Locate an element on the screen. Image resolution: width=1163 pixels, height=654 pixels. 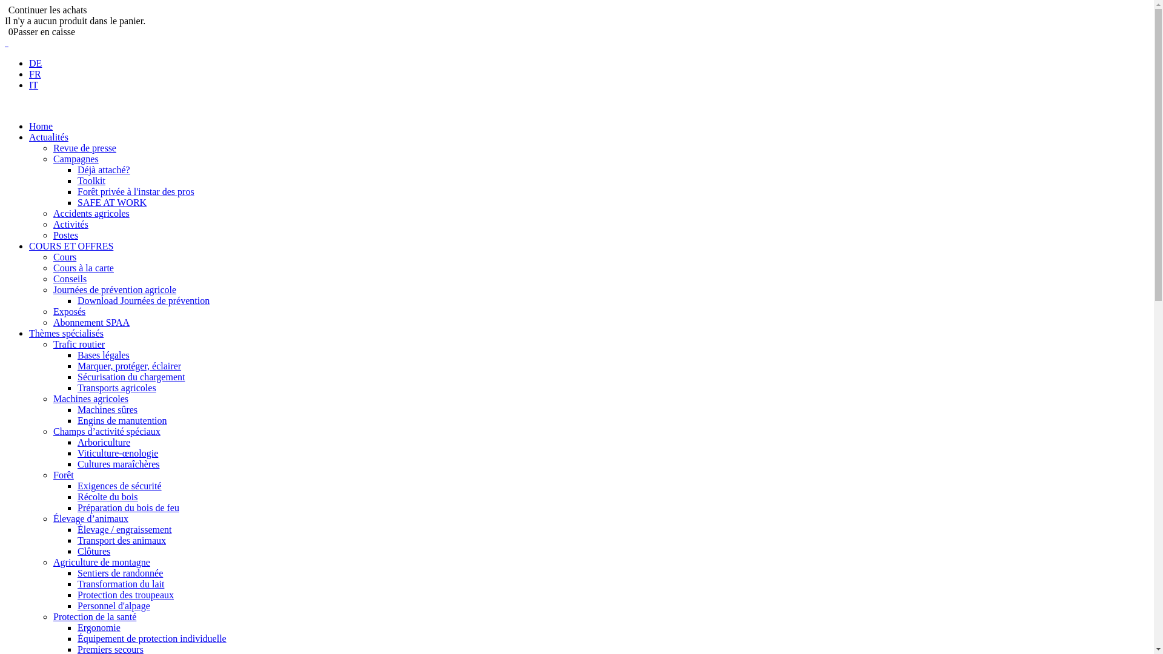
'Abonnement SPAA' is located at coordinates (90, 322).